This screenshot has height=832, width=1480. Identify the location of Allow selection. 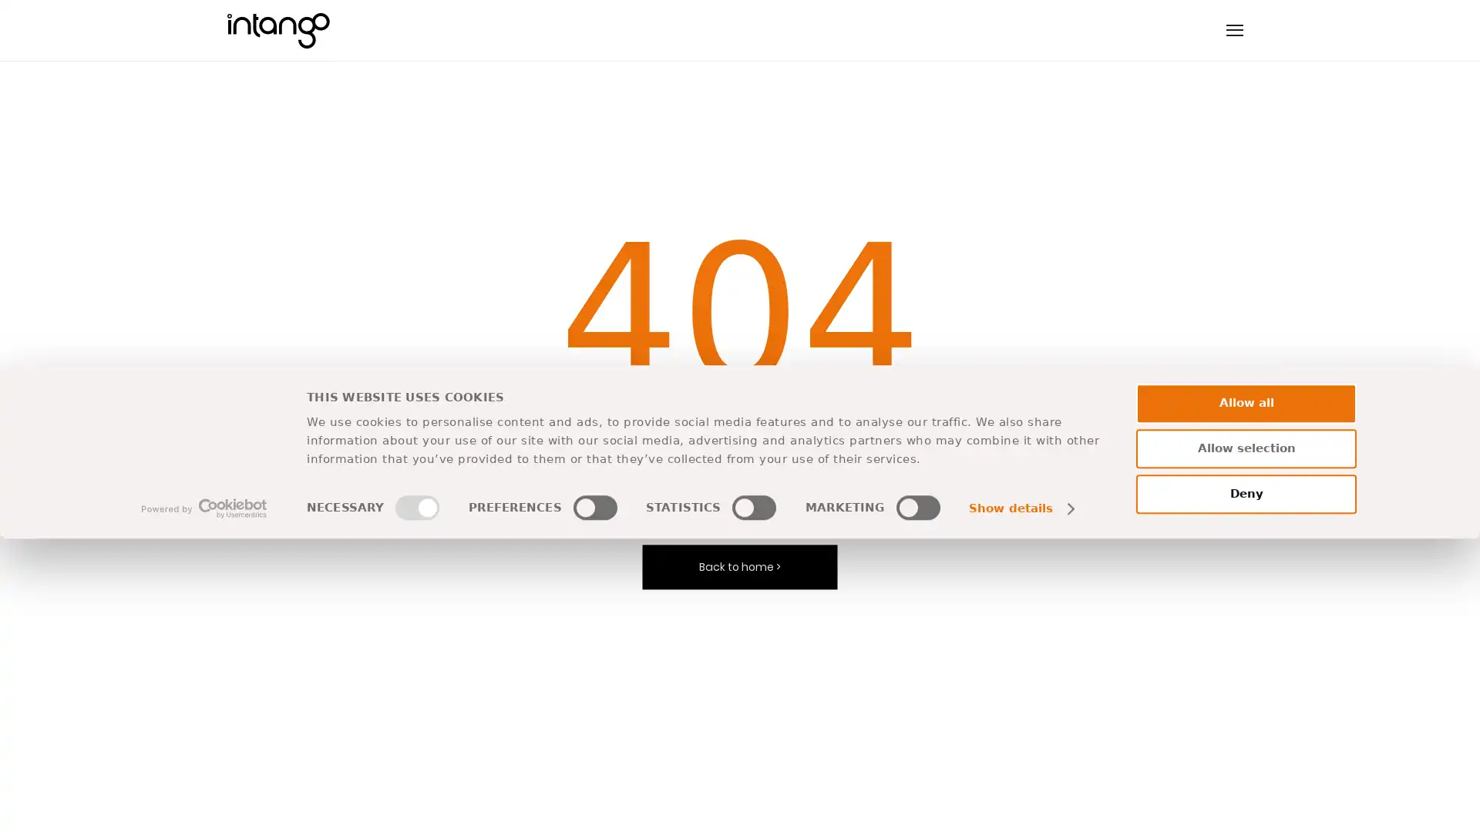
(1246, 741).